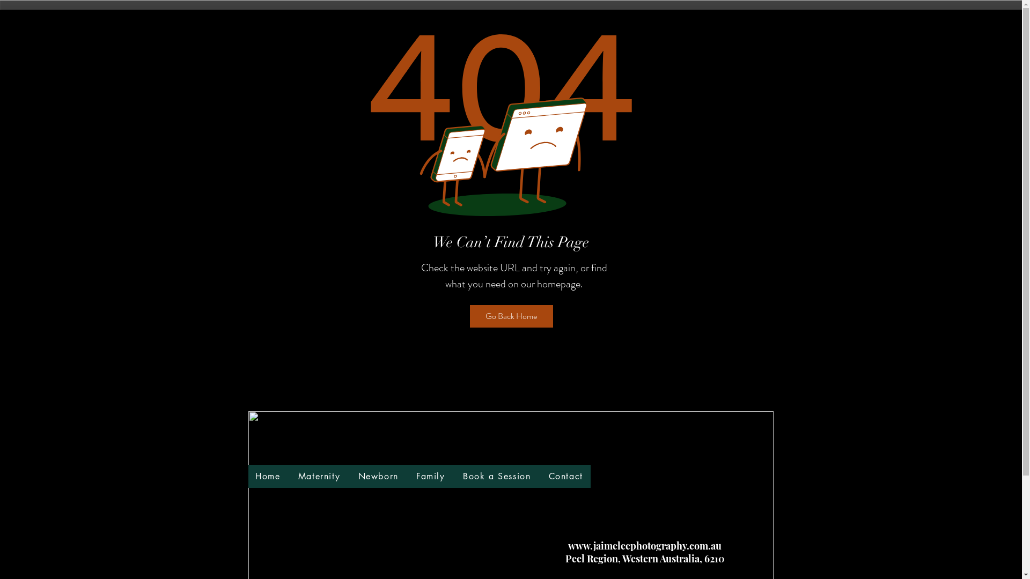 Image resolution: width=1030 pixels, height=579 pixels. I want to click on 'Newborn', so click(378, 476).